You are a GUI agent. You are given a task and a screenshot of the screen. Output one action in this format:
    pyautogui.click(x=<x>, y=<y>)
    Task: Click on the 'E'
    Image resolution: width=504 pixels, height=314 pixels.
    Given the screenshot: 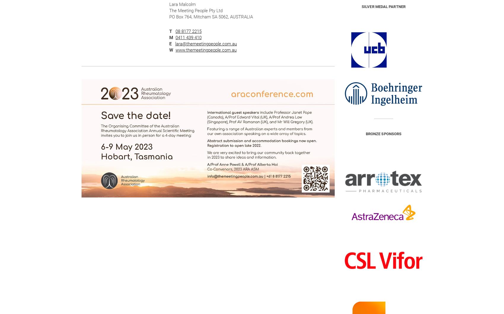 What is the action you would take?
    pyautogui.click(x=170, y=44)
    